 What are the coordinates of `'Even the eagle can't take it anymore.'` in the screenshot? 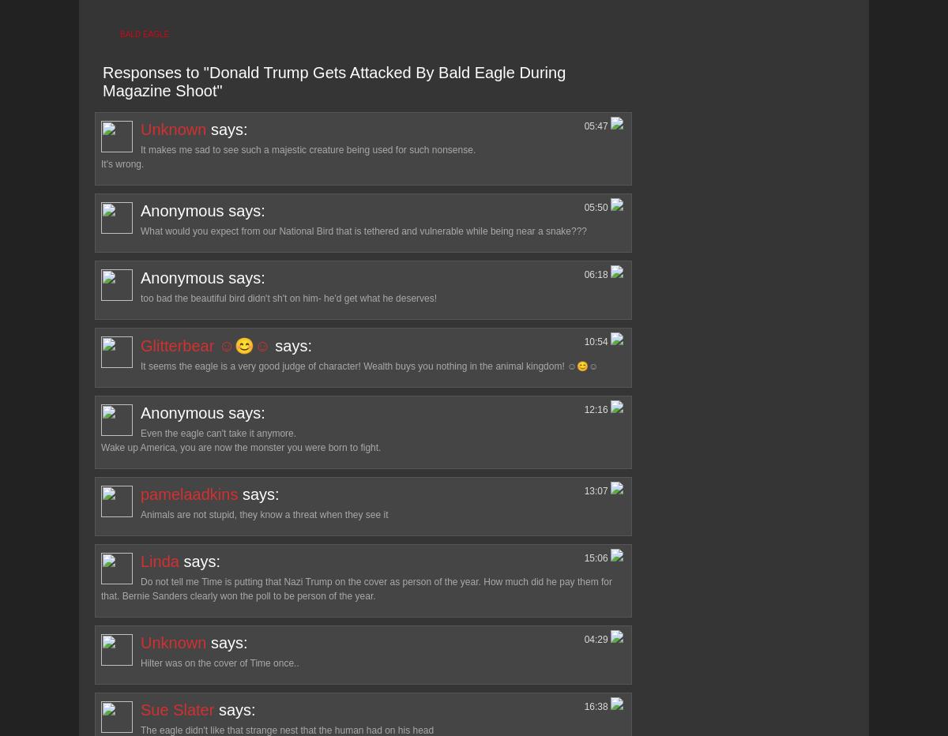 It's located at (217, 433).